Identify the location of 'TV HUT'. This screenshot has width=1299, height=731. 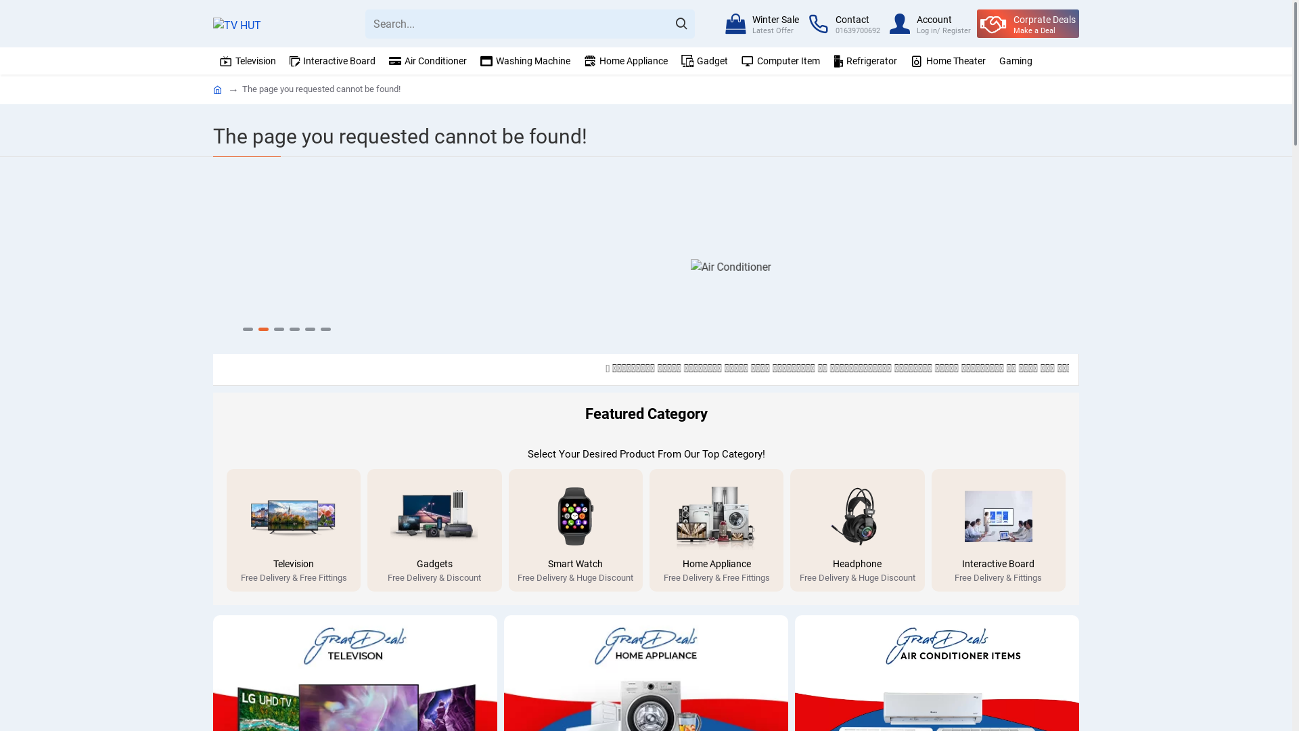
(237, 23).